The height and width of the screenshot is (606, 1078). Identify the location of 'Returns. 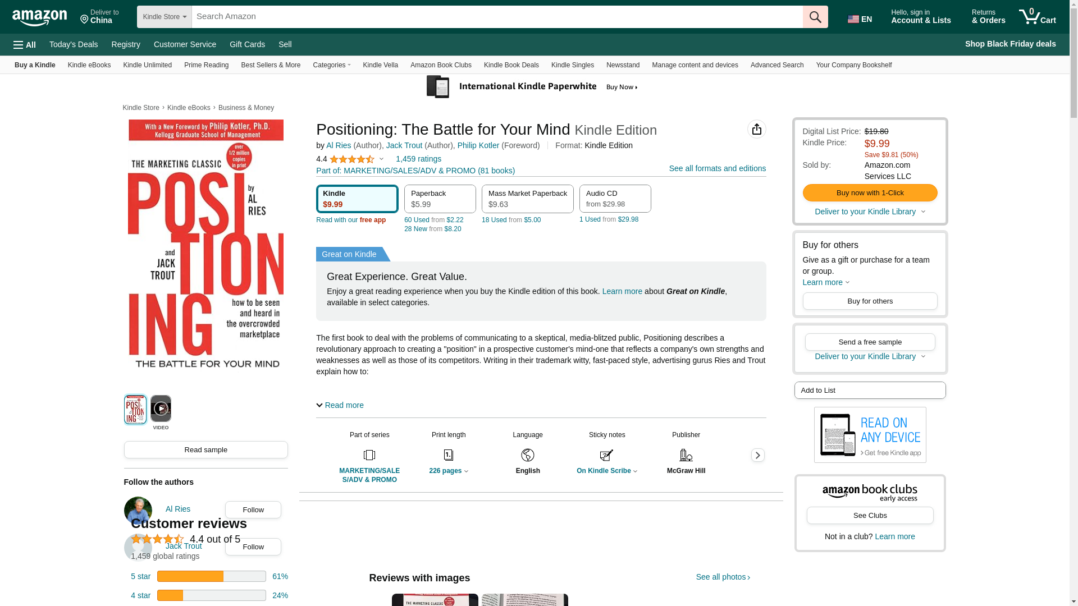
(989, 17).